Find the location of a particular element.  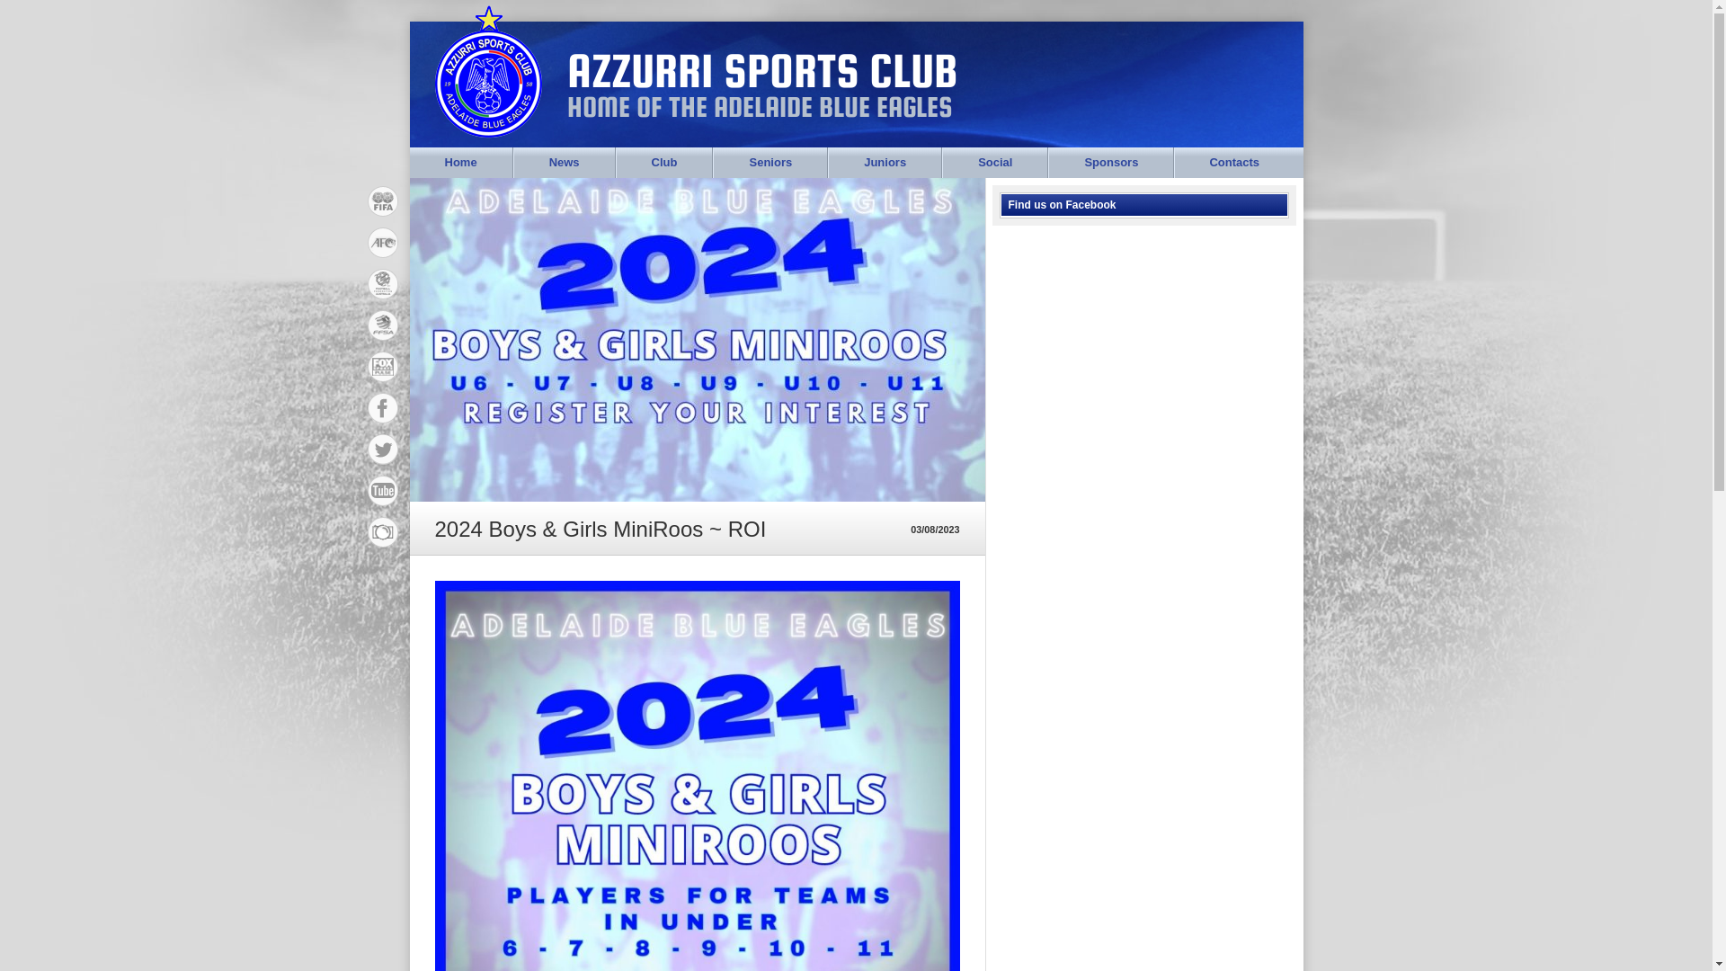

'HOME OF THE ADELAIDE BLUE EAGLES' is located at coordinates (752, 107).